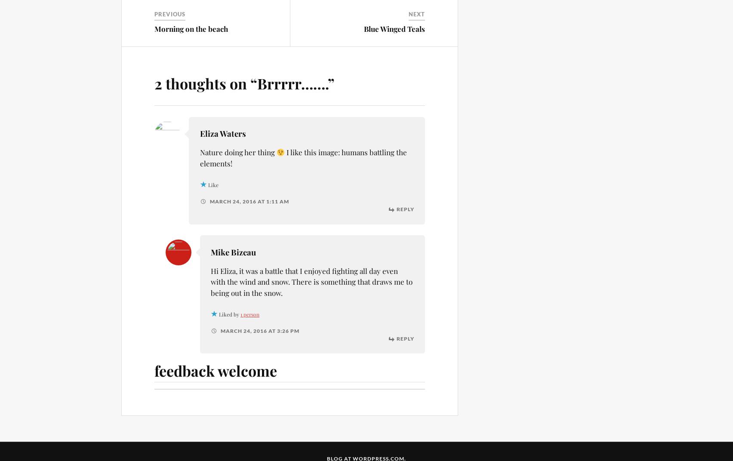 This screenshot has height=461, width=733. What do you see at coordinates (154, 82) in the screenshot?
I see `'2 thoughts on “'` at bounding box center [154, 82].